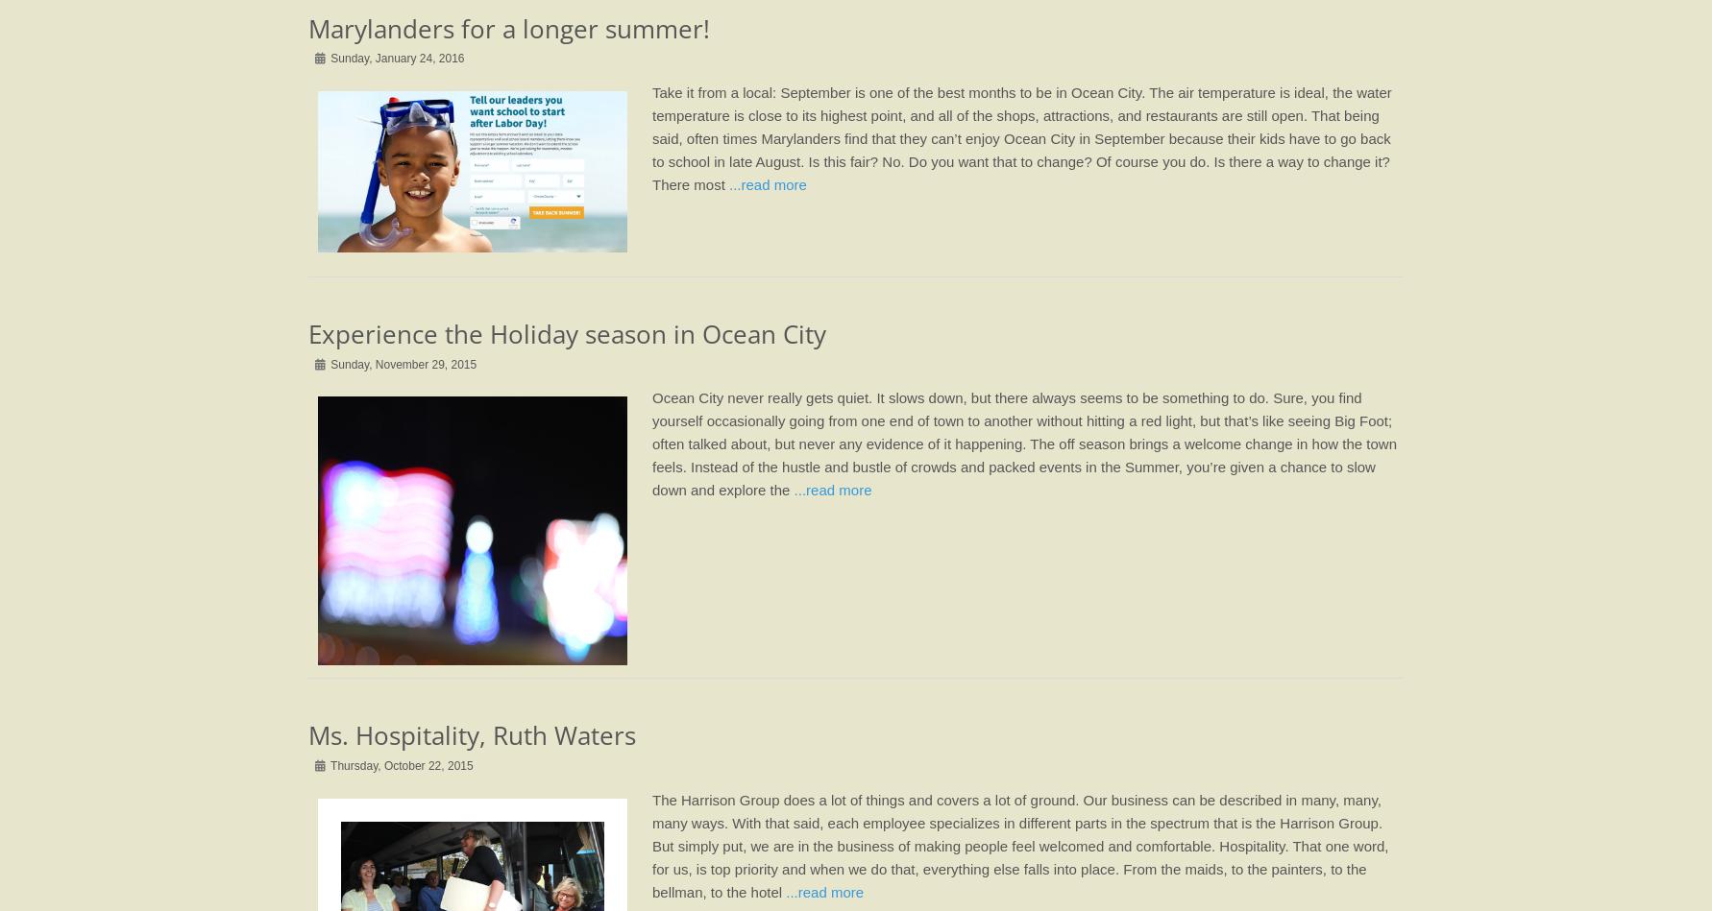 The height and width of the screenshot is (911, 1712). I want to click on 'Marylanders for a longer summer!', so click(507, 28).